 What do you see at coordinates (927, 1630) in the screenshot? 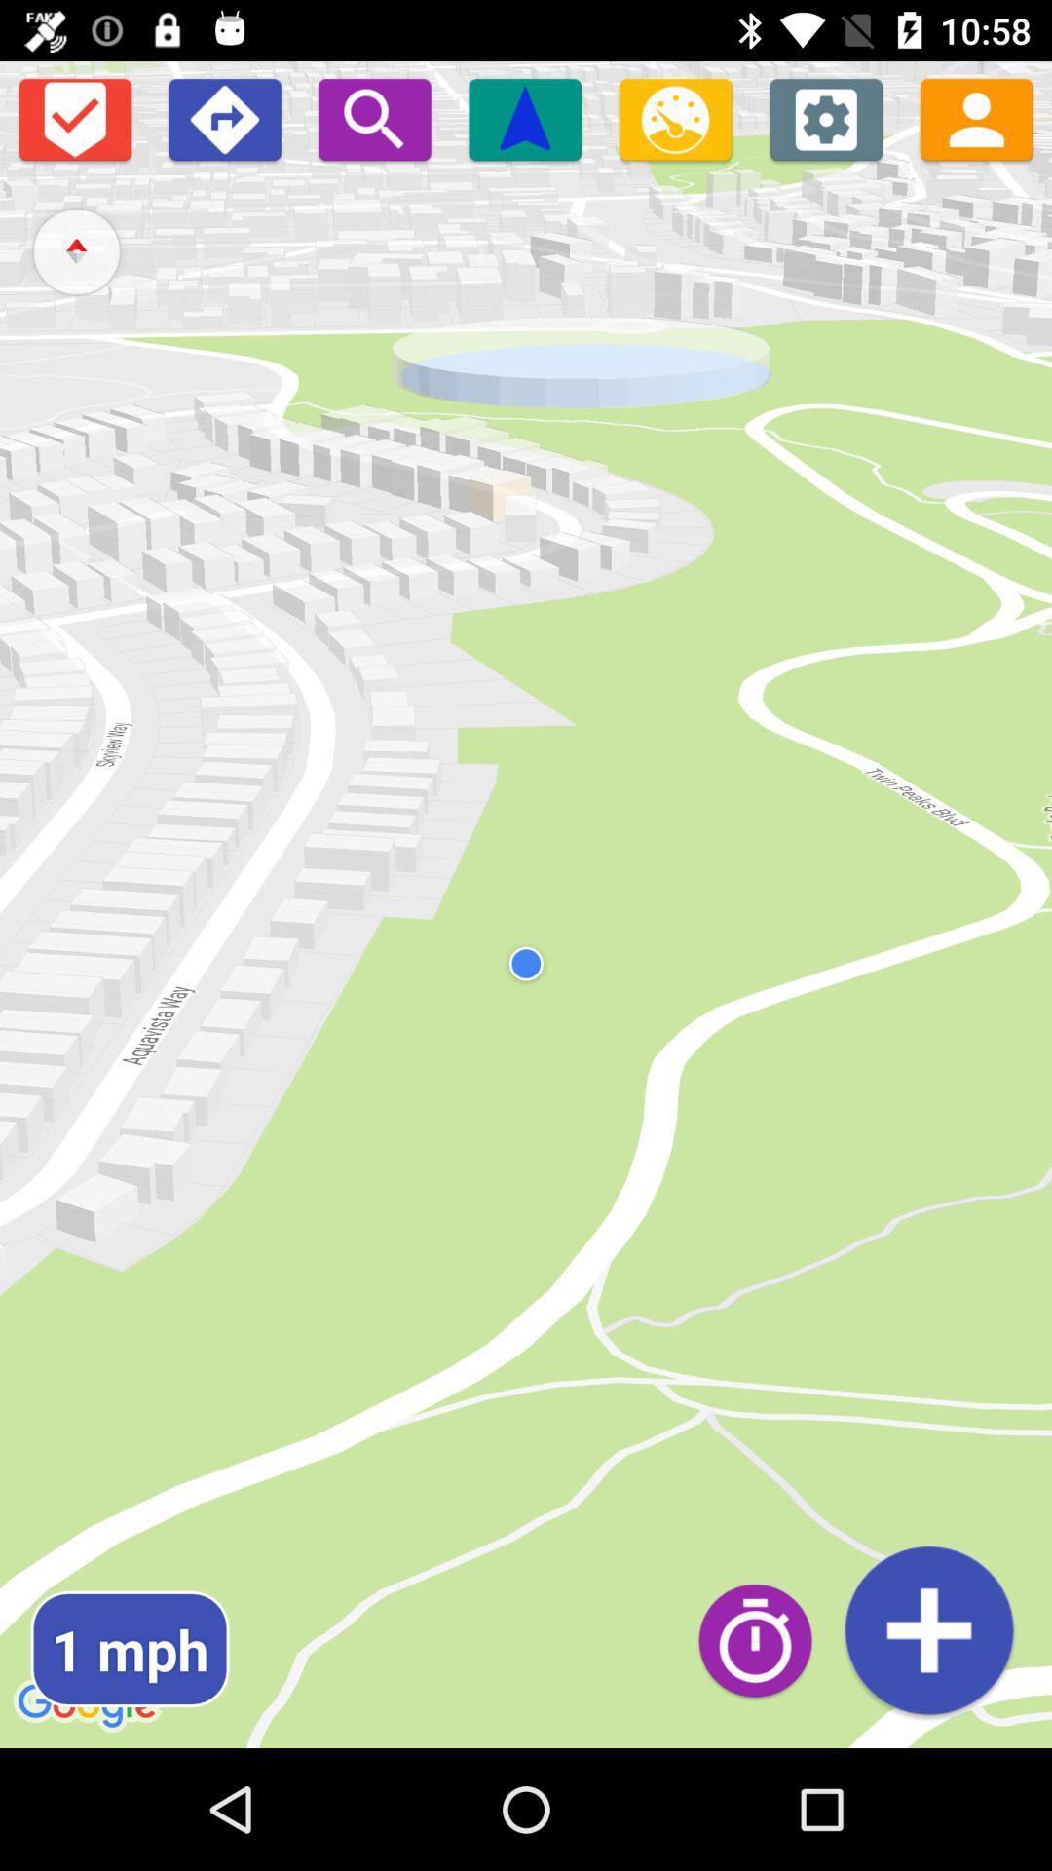
I see `place` at bounding box center [927, 1630].